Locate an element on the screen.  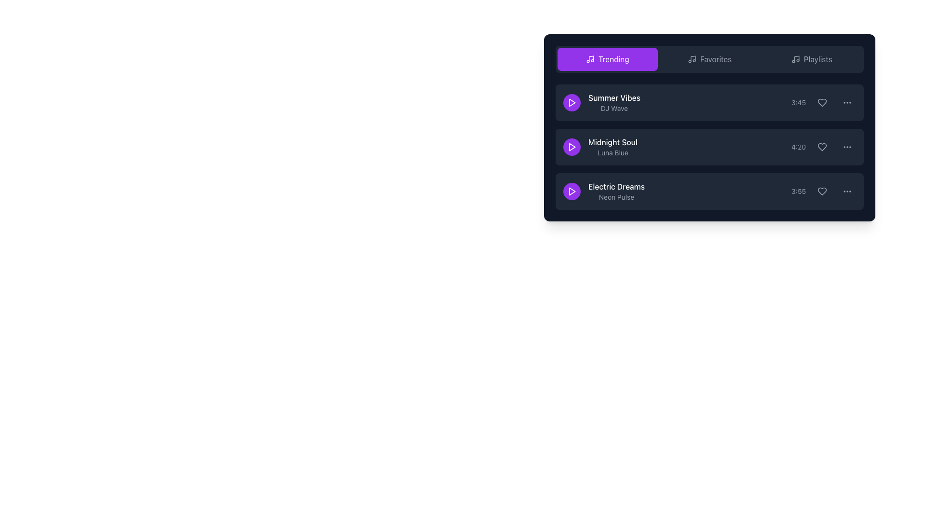
the 'Summer Vibes' text label in the 'Trending' playlist, which is located in the first row to the right of the purple play button icon is located at coordinates (613, 98).